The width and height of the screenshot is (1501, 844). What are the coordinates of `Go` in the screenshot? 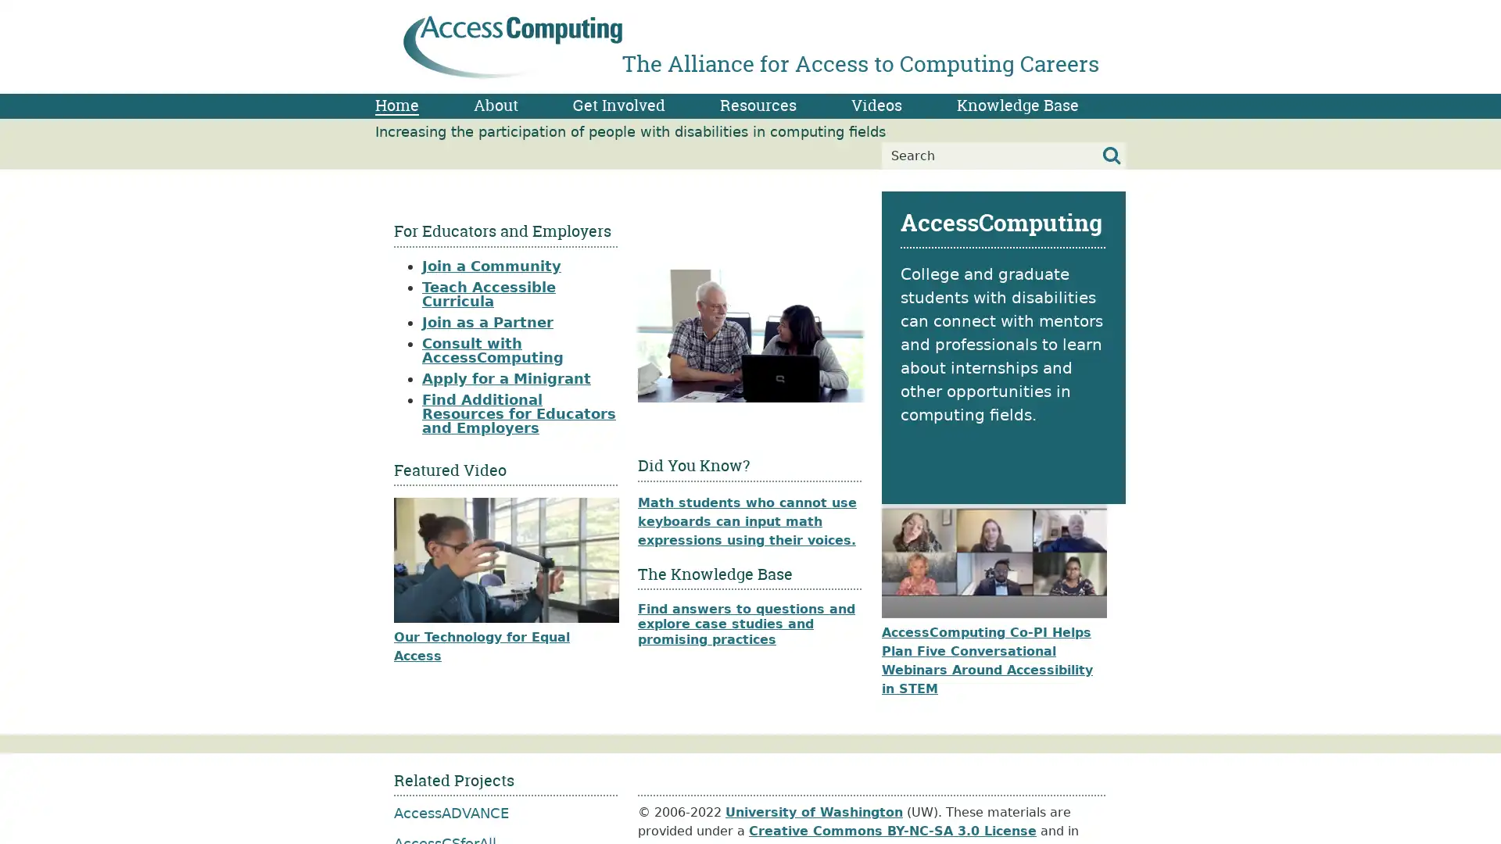 It's located at (1111, 156).